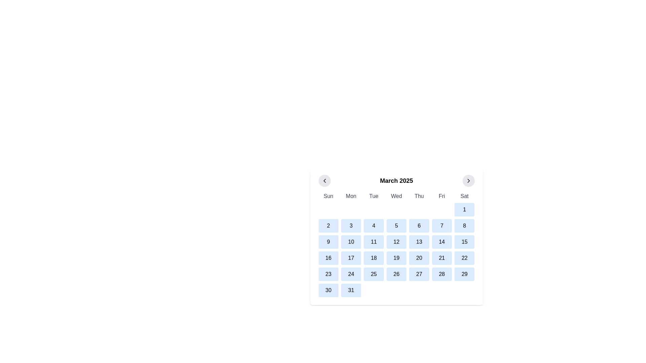 The height and width of the screenshot is (363, 646). What do you see at coordinates (419, 226) in the screenshot?
I see `the grid cell button displaying the number '6'` at bounding box center [419, 226].